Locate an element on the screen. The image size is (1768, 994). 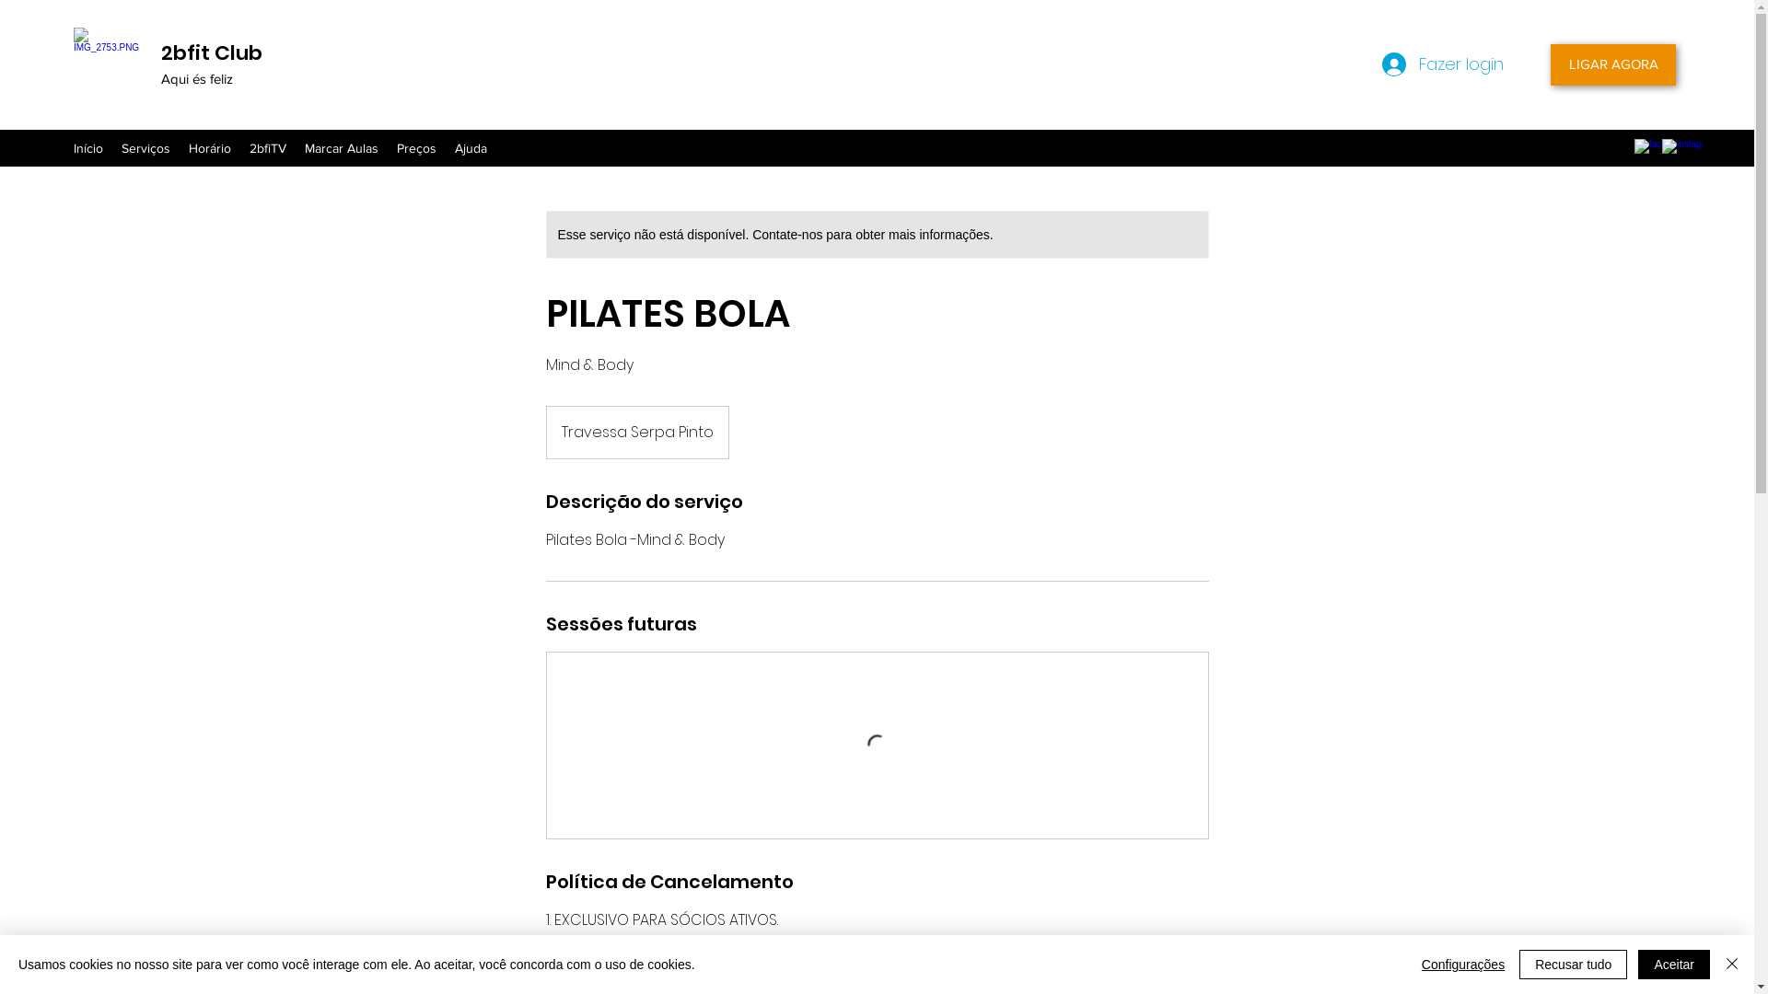
'Marcar Aulas' is located at coordinates (296, 147).